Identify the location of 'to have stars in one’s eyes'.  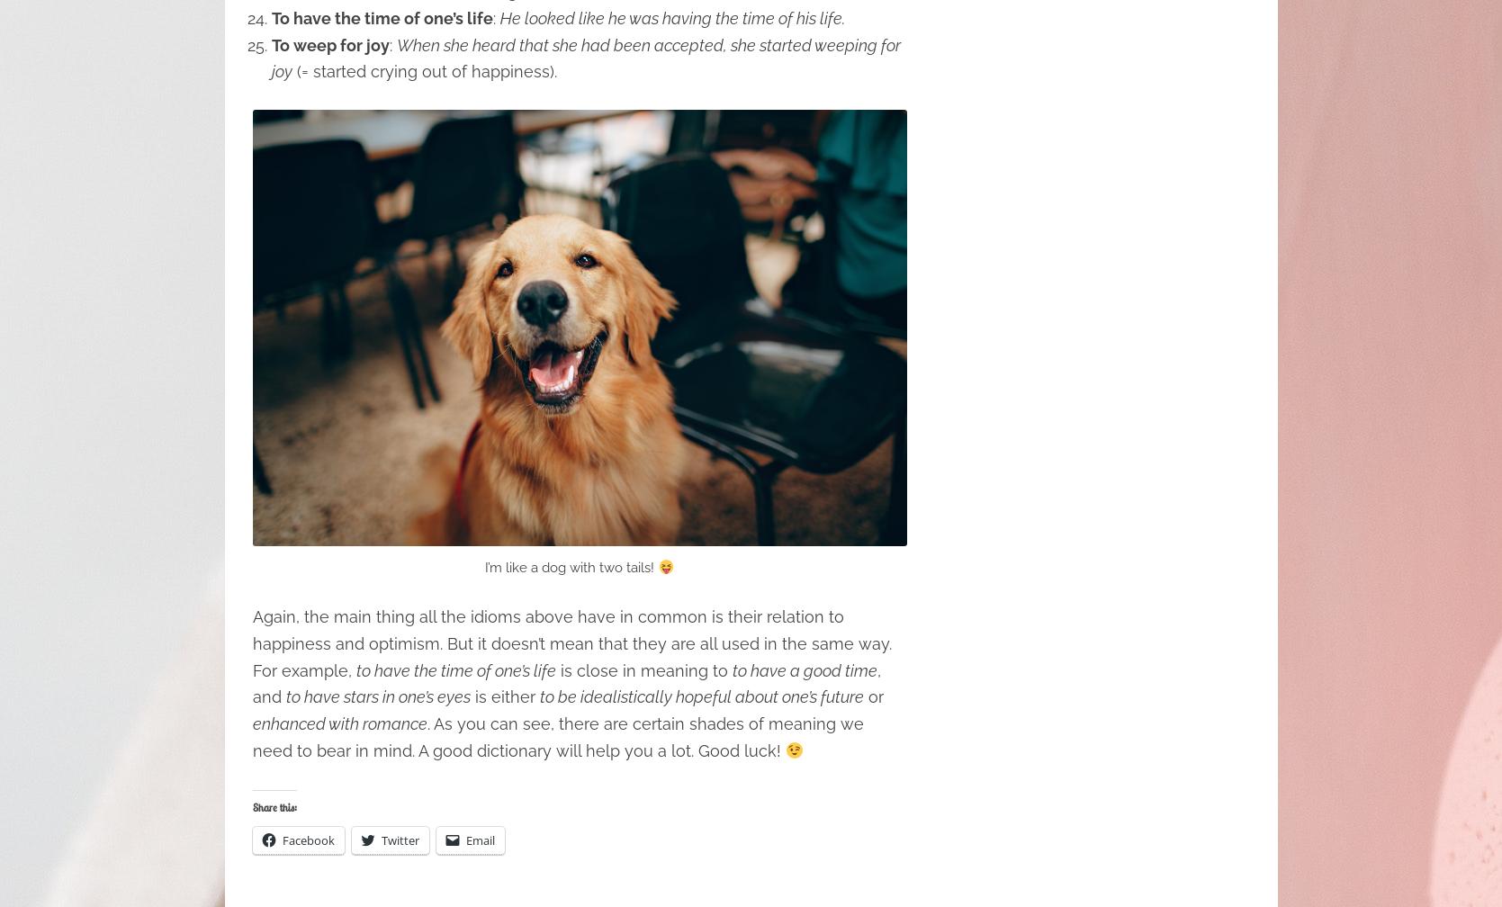
(376, 696).